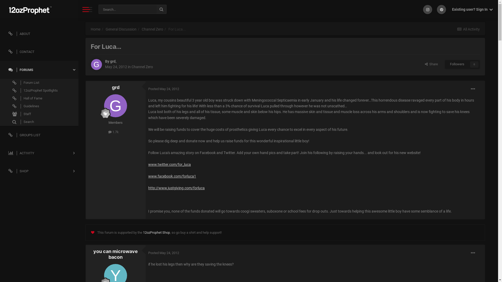 The image size is (502, 282). What do you see at coordinates (169, 164) in the screenshot?
I see `'www.twitter.com/for_luca'` at bounding box center [169, 164].